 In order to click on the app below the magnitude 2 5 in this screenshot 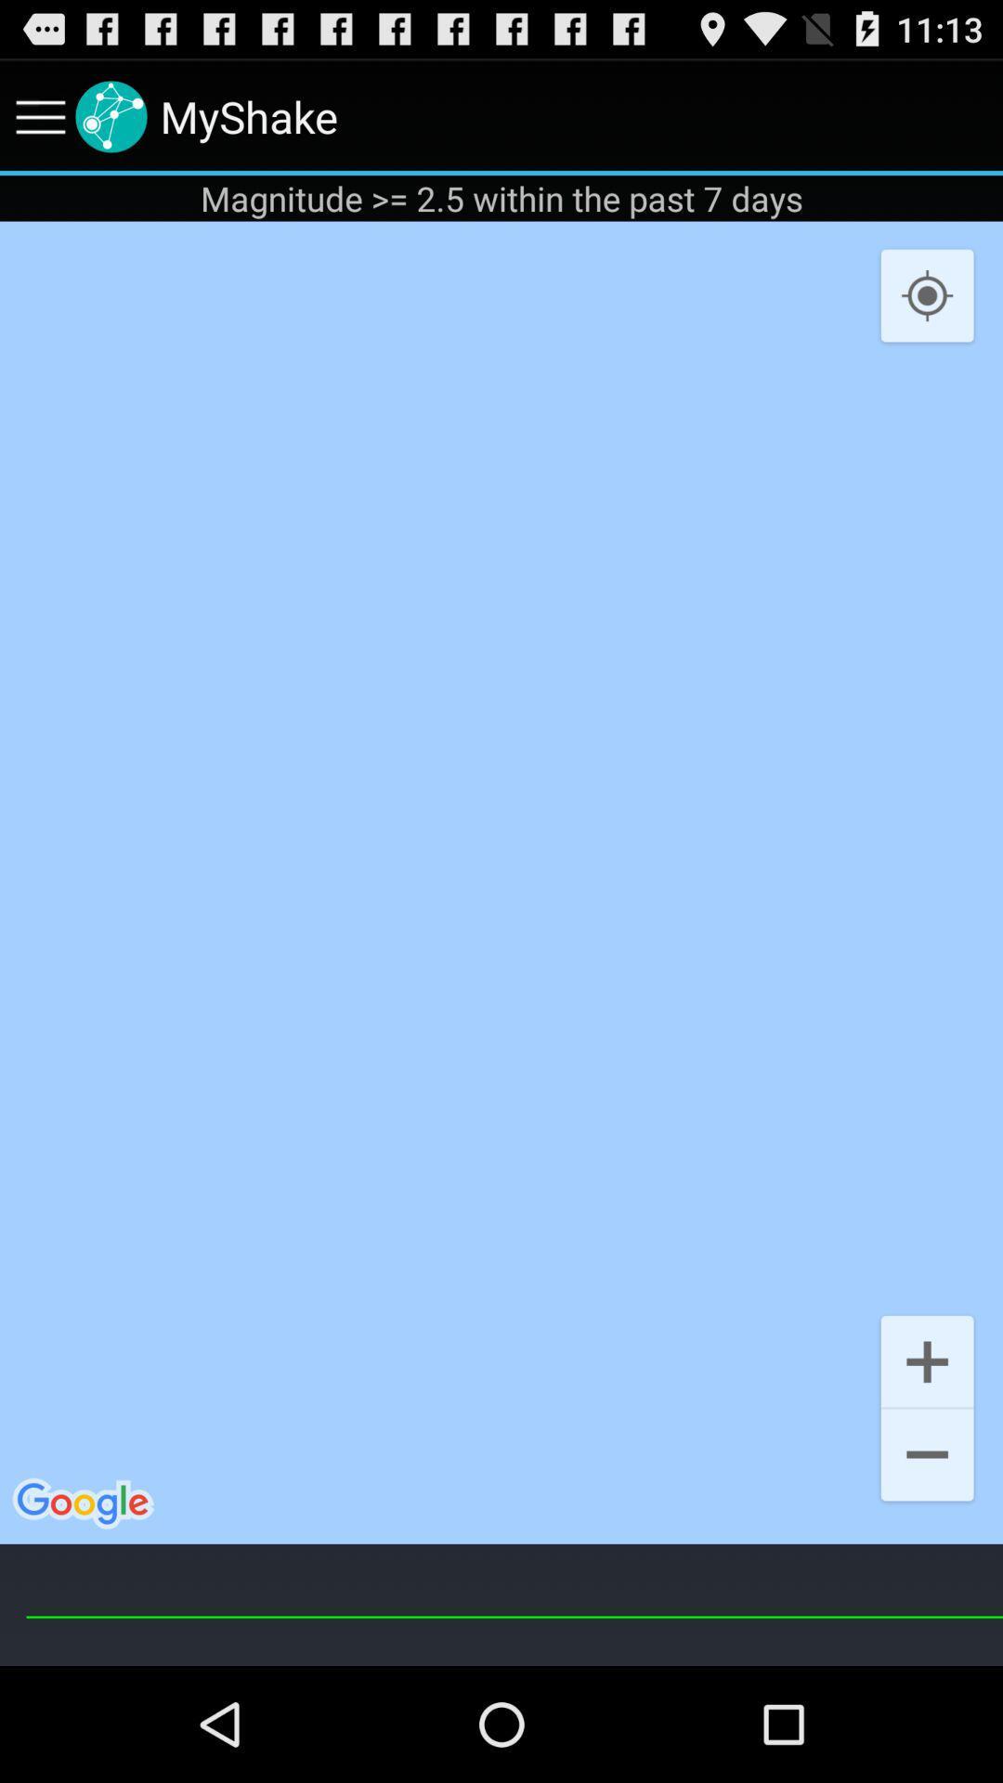, I will do `click(501, 881)`.